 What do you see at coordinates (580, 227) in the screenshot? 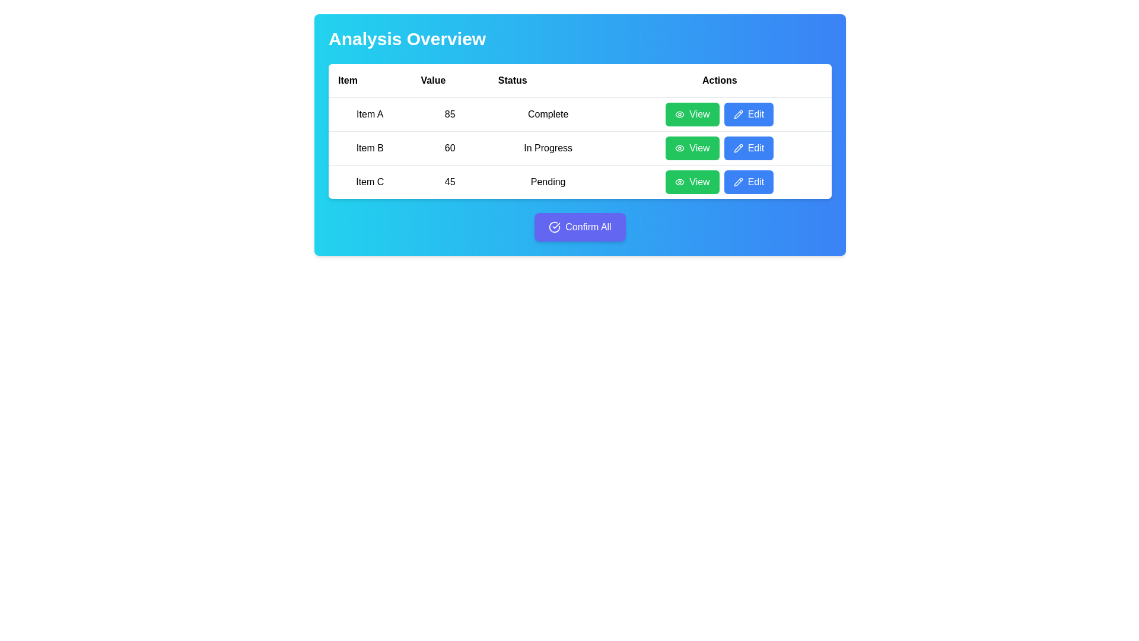
I see `the 'Confirm All' button with a violet gradient background and a check icon to confirm all actions` at bounding box center [580, 227].